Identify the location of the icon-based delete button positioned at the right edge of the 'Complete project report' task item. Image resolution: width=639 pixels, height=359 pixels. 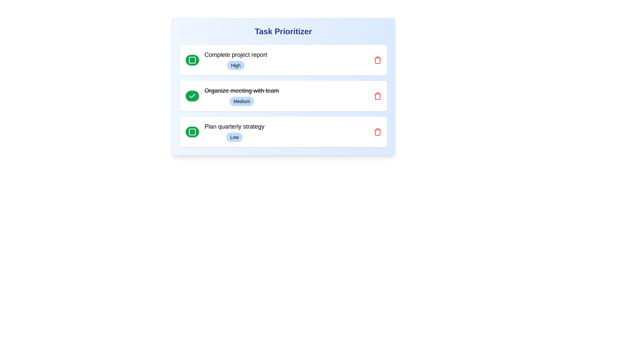
(377, 60).